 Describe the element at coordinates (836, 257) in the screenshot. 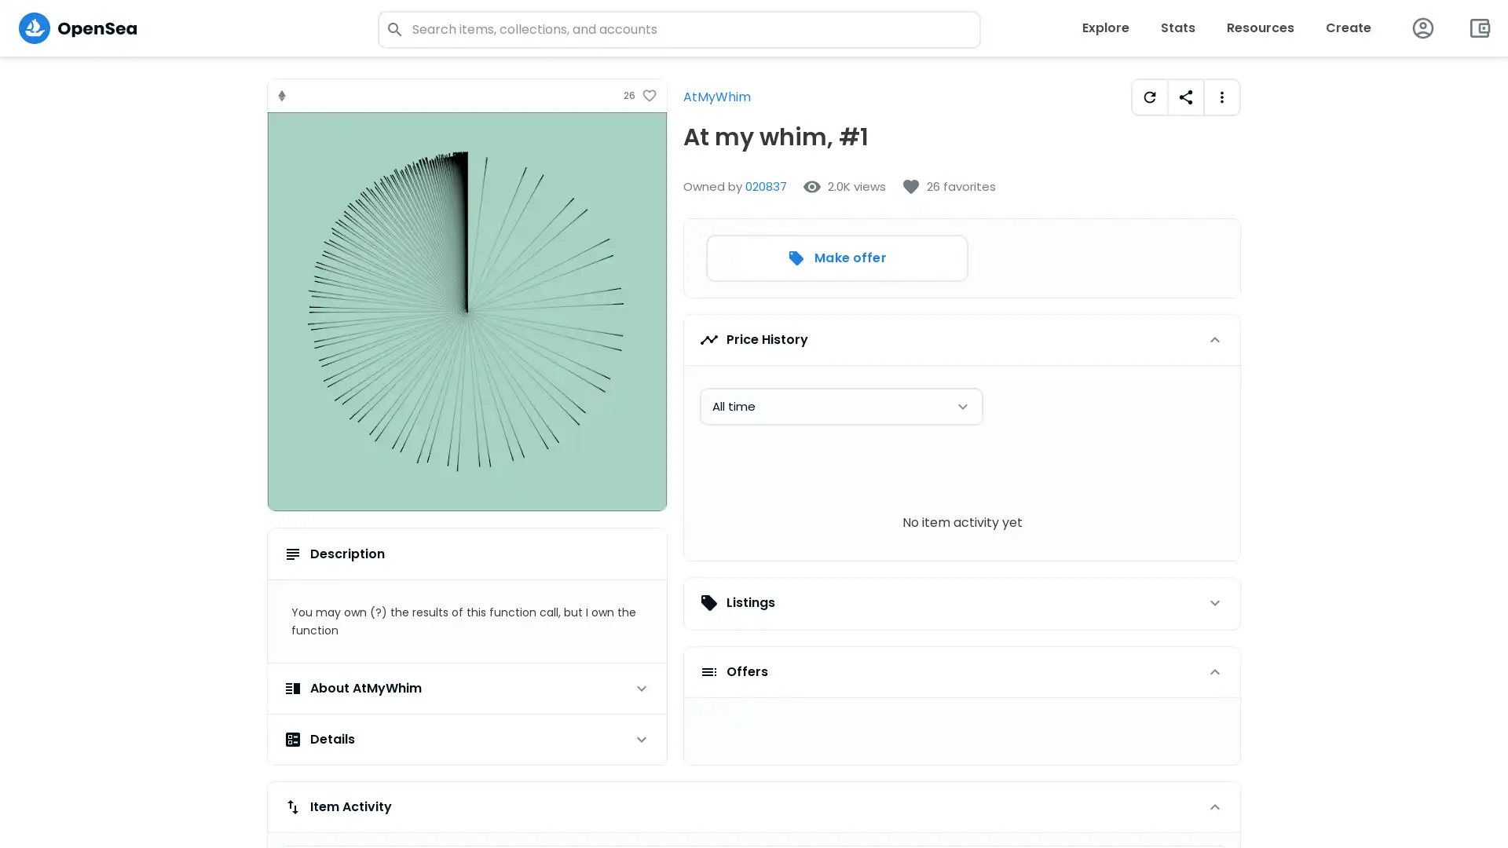

I see `Make offer` at that location.